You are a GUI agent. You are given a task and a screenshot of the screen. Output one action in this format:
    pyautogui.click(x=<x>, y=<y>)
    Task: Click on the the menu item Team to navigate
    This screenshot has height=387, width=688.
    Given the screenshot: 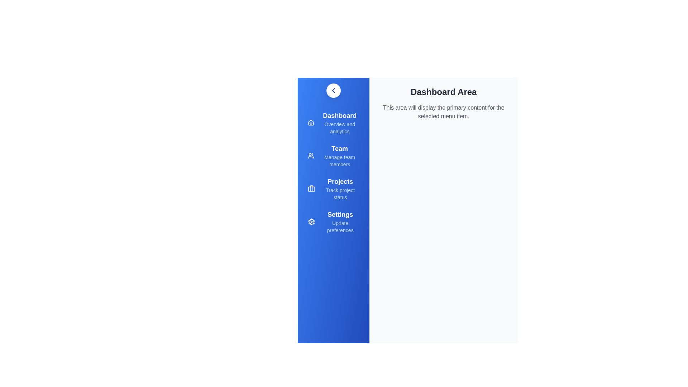 What is the action you would take?
    pyautogui.click(x=333, y=156)
    